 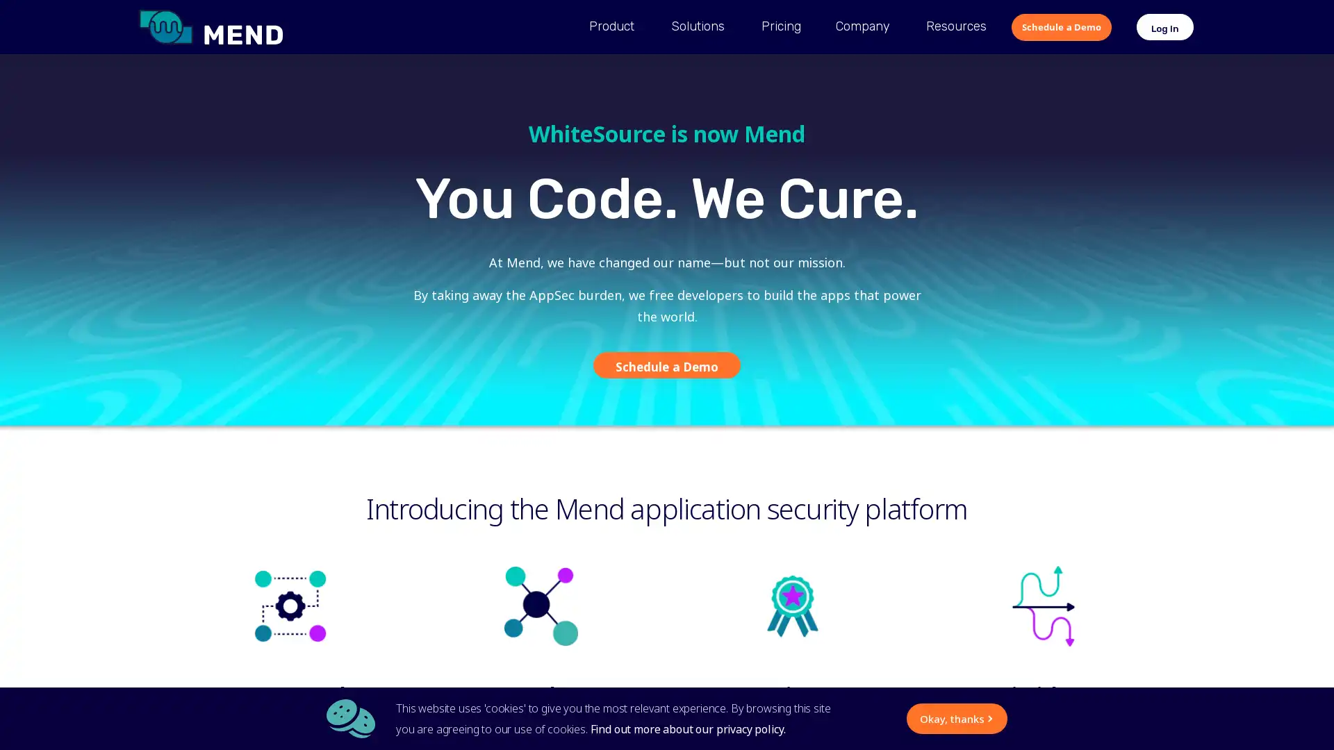 I want to click on Okay, thanks, so click(x=825, y=718).